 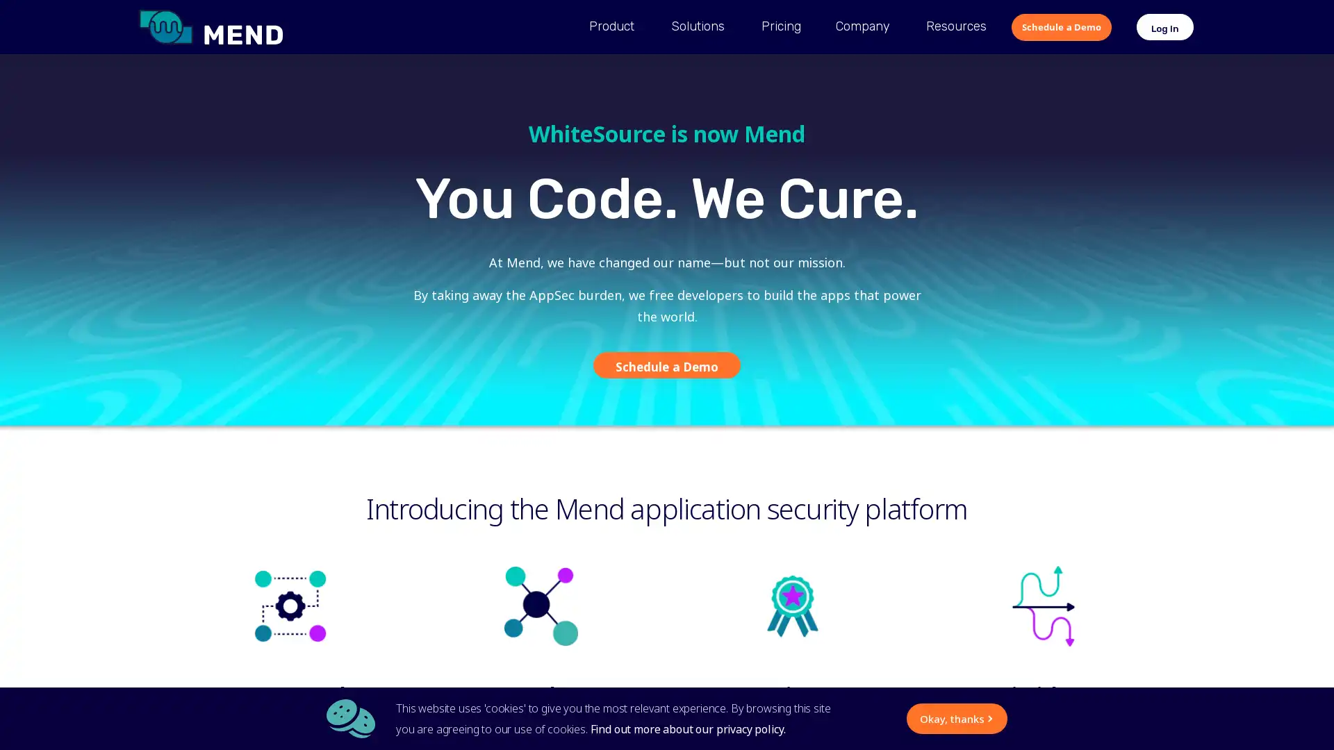 I want to click on Okay, thanks, so click(x=825, y=718).